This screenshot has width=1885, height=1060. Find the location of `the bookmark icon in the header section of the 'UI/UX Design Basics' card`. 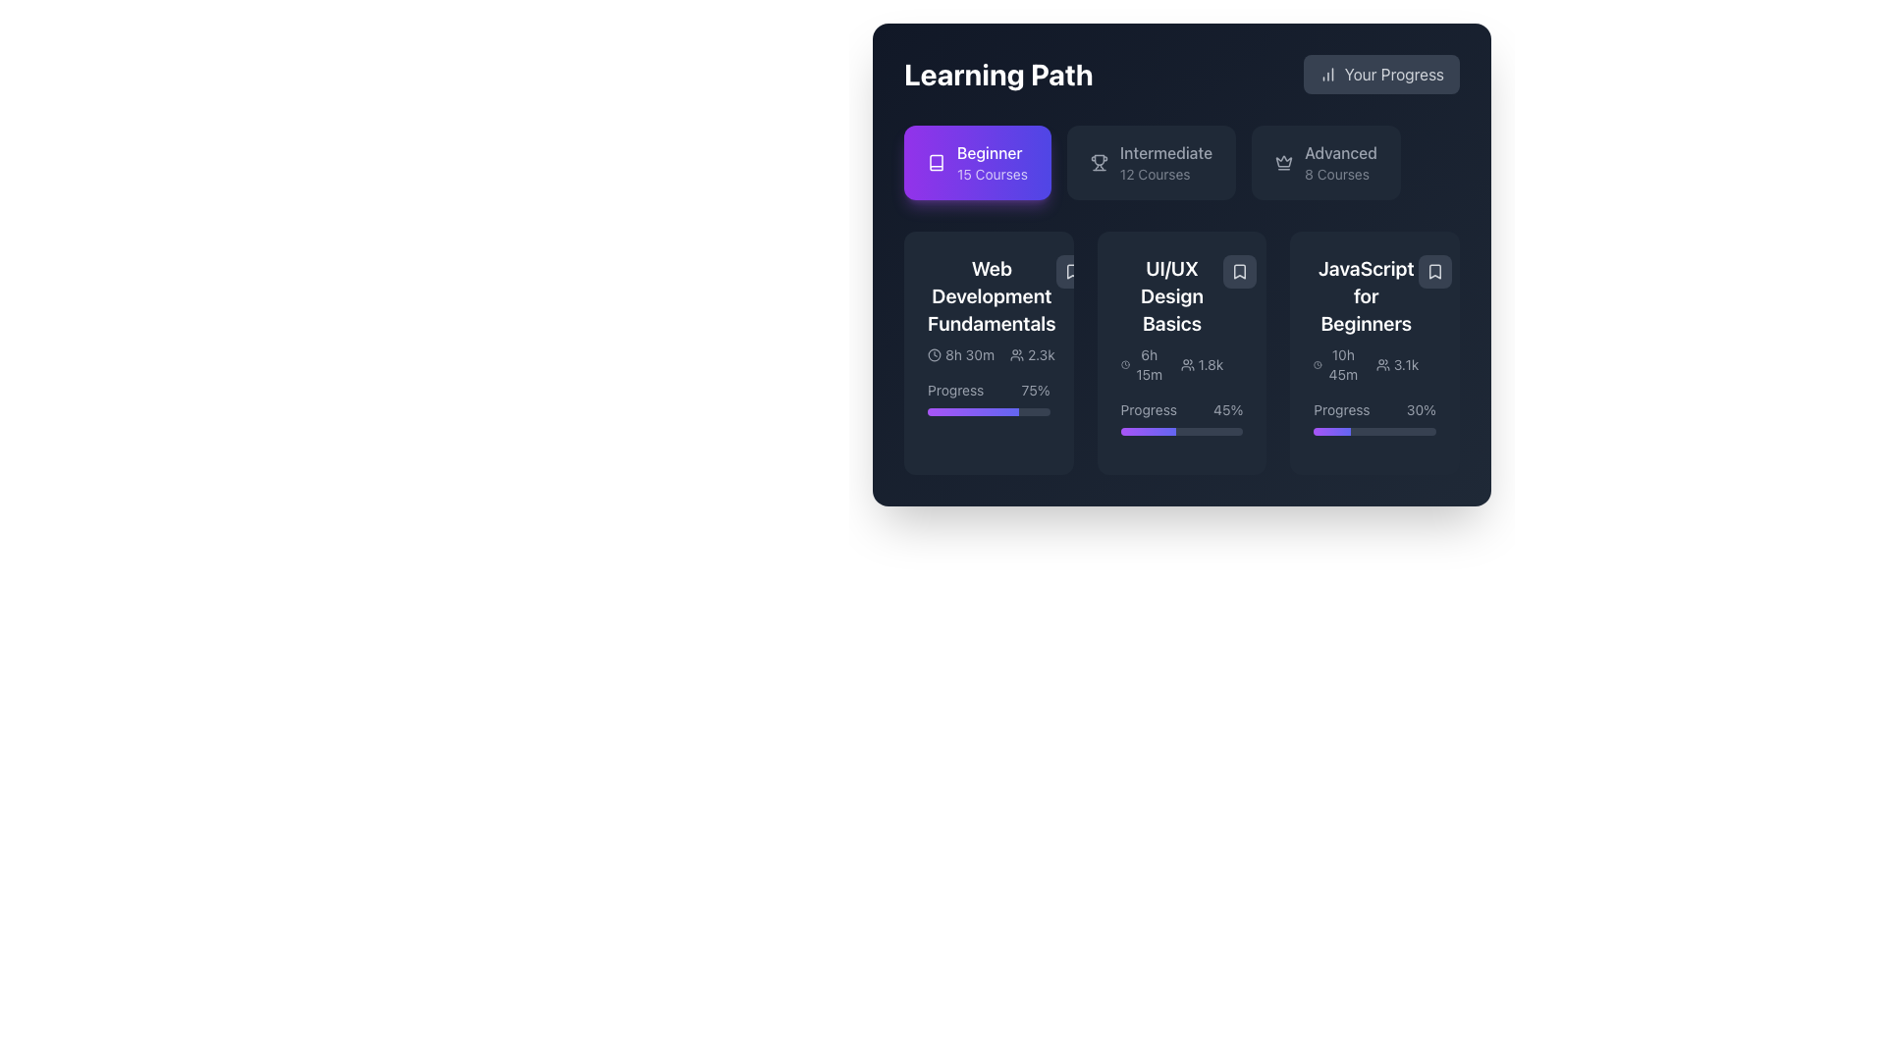

the bookmark icon in the header section of the 'UI/UX Design Basics' card is located at coordinates (1239, 272).